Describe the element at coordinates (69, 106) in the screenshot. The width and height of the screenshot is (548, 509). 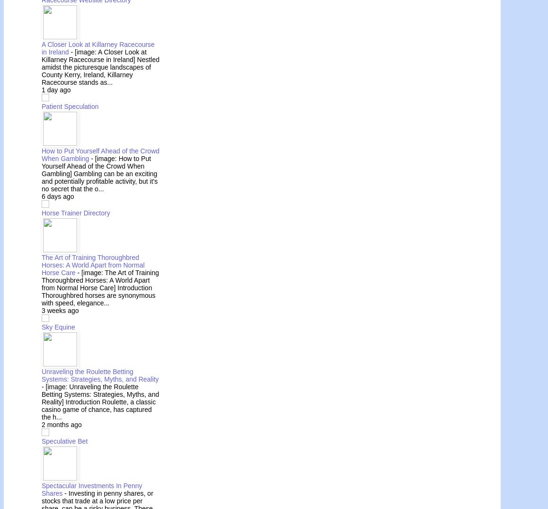
I see `'Patient Speculation'` at that location.